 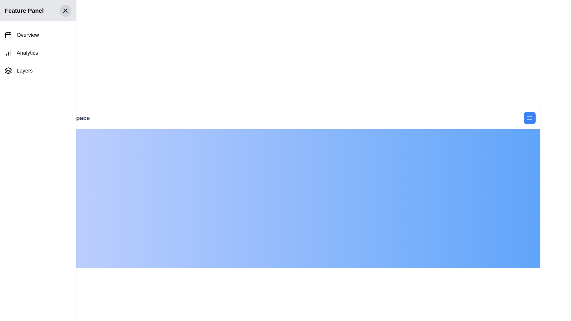 What do you see at coordinates (8, 69) in the screenshot?
I see `the topmost 'Layers' icon in the navigation interface` at bounding box center [8, 69].